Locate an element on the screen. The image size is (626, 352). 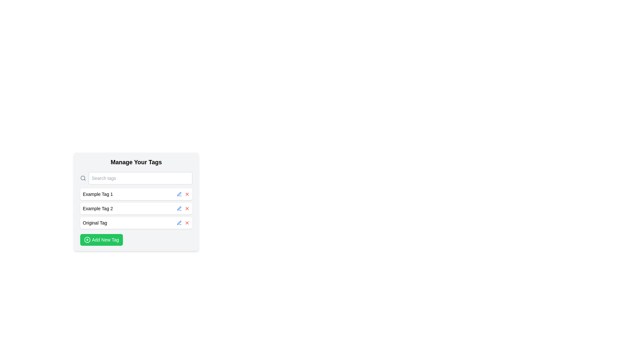
the filled circular shape that is part of the magnifying glass illustration, located at the center-left of the icon in the header, preceding the 'Search tags' input field is located at coordinates (82, 178).